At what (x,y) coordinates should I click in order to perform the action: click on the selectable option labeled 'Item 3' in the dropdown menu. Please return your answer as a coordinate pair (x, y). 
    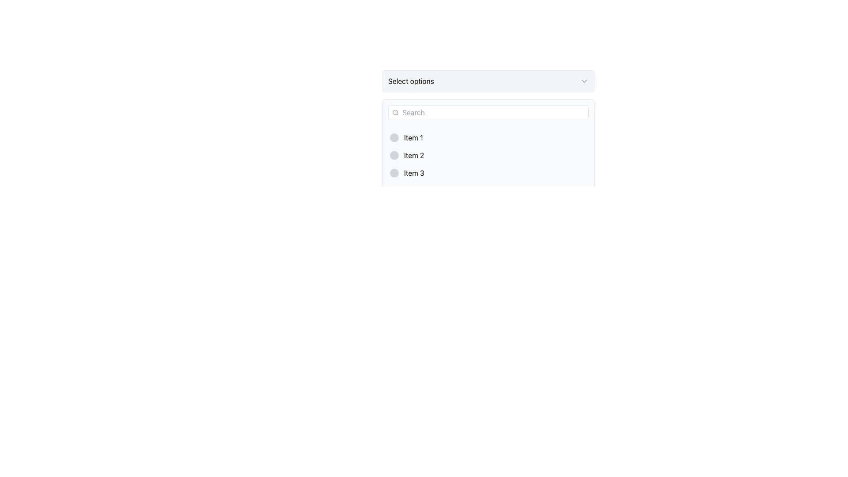
    Looking at the image, I should click on (488, 173).